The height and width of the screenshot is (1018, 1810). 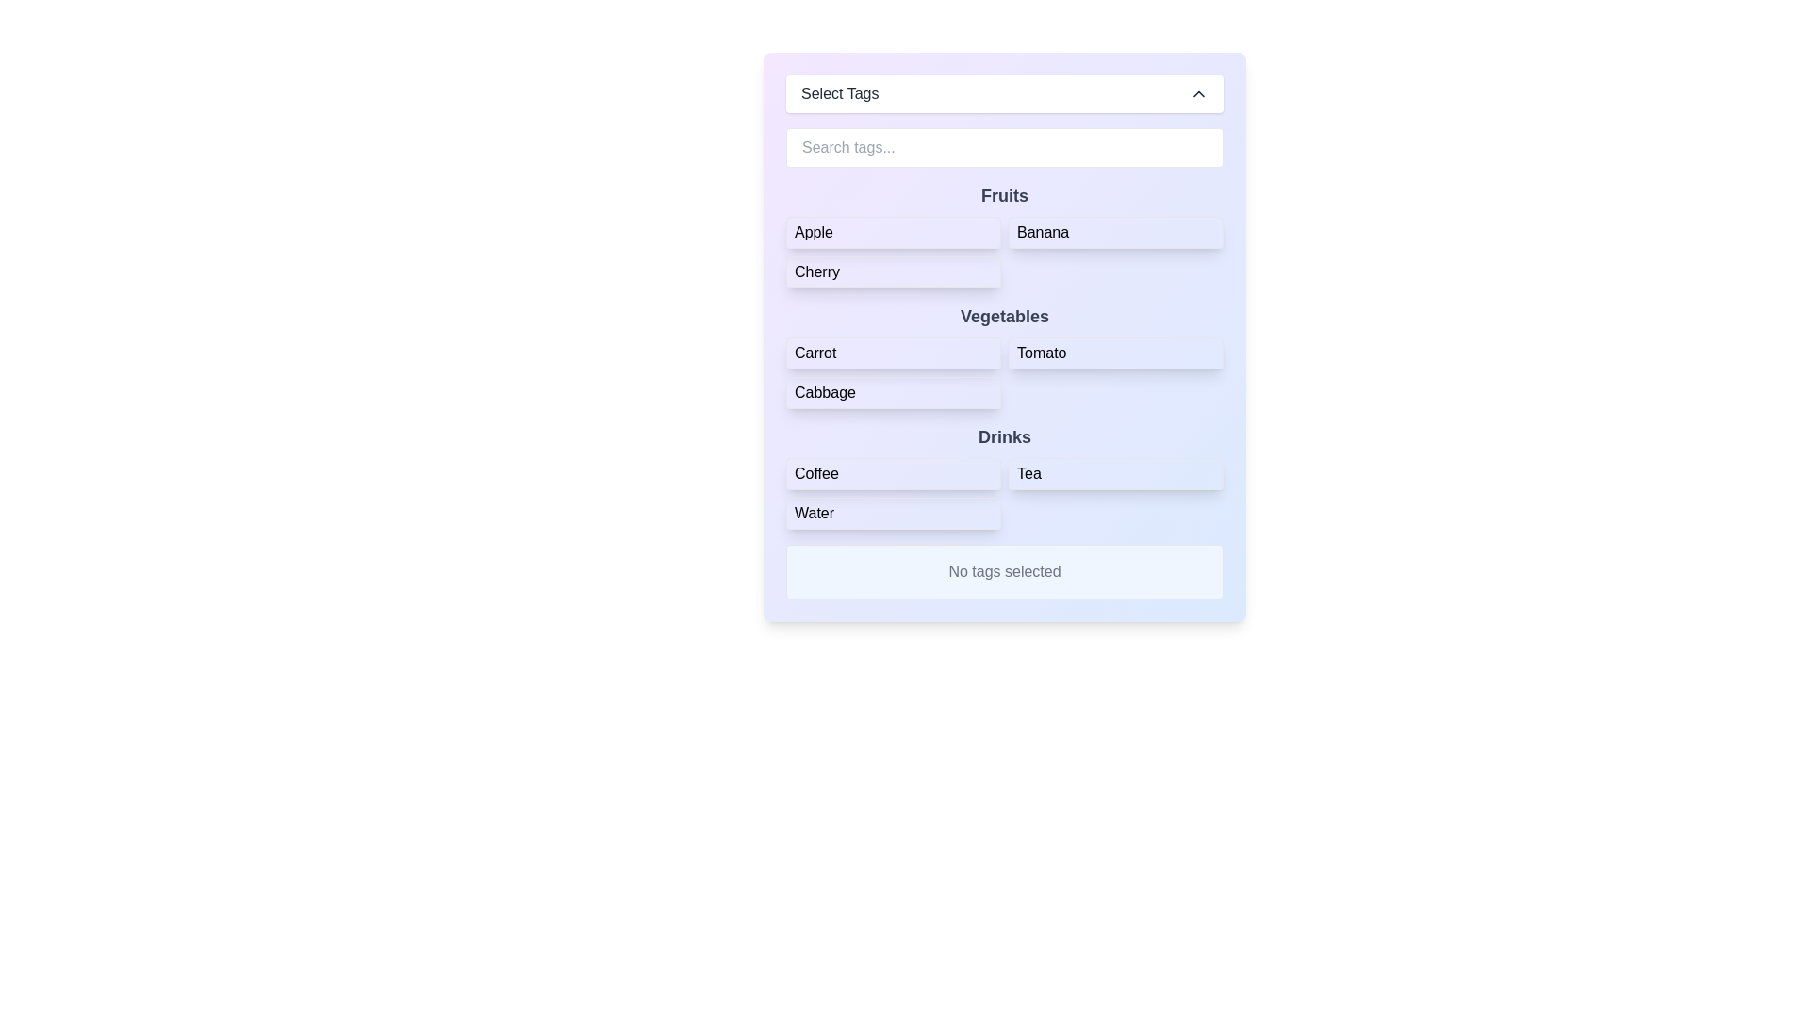 What do you see at coordinates (1116, 472) in the screenshot?
I see `the 'Tea' button` at bounding box center [1116, 472].